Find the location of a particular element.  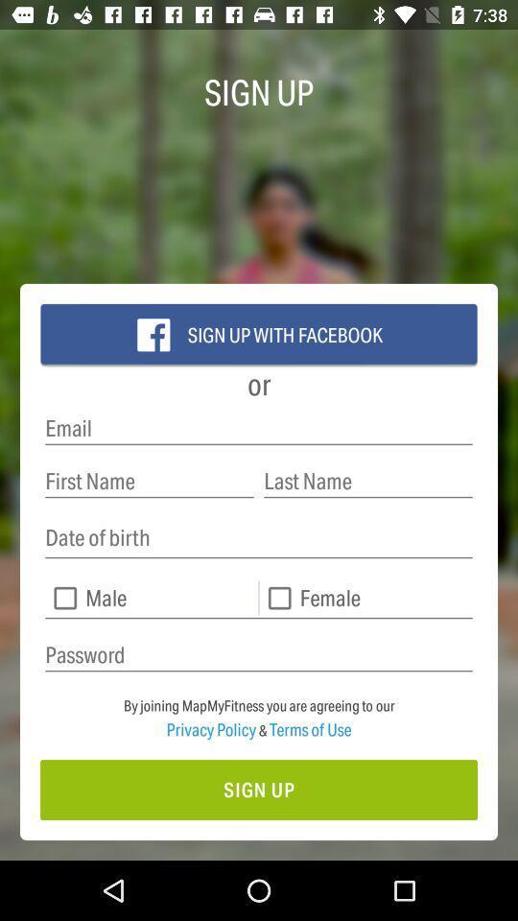

female check box is located at coordinates (365, 597).